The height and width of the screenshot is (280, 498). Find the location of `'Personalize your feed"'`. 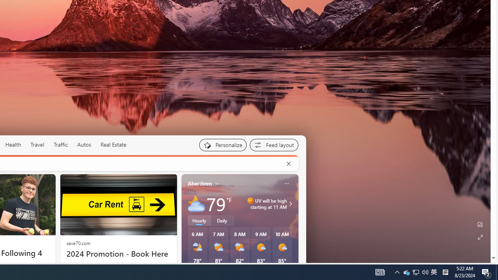

'Personalize your feed"' is located at coordinates (222, 145).